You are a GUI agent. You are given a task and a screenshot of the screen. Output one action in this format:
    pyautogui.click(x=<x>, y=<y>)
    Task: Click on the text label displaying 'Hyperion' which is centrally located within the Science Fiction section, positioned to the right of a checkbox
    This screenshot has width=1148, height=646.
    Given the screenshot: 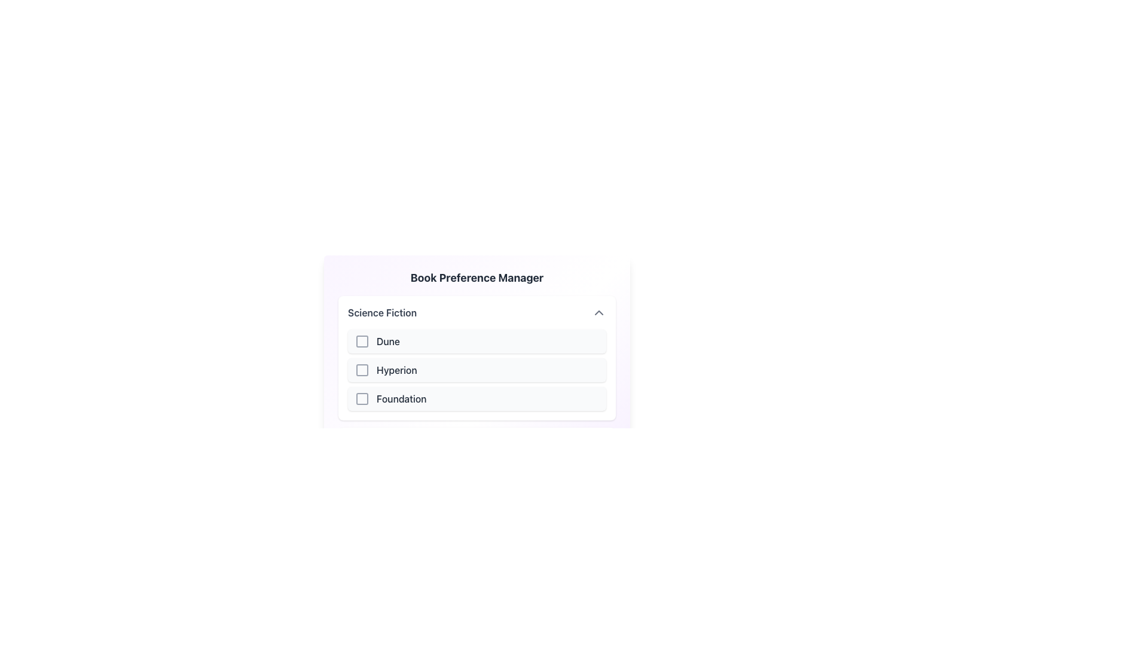 What is the action you would take?
    pyautogui.click(x=396, y=369)
    